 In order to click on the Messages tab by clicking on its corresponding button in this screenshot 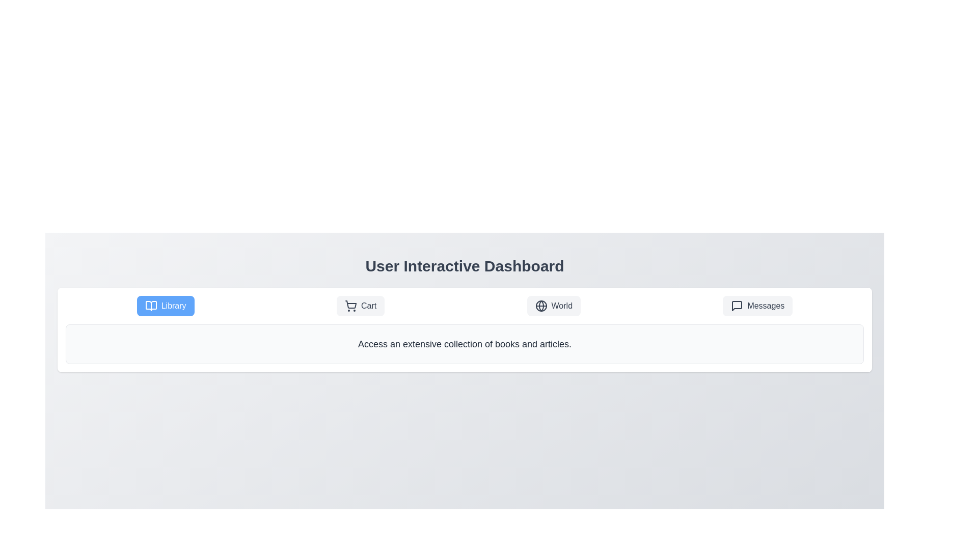, I will do `click(757, 306)`.